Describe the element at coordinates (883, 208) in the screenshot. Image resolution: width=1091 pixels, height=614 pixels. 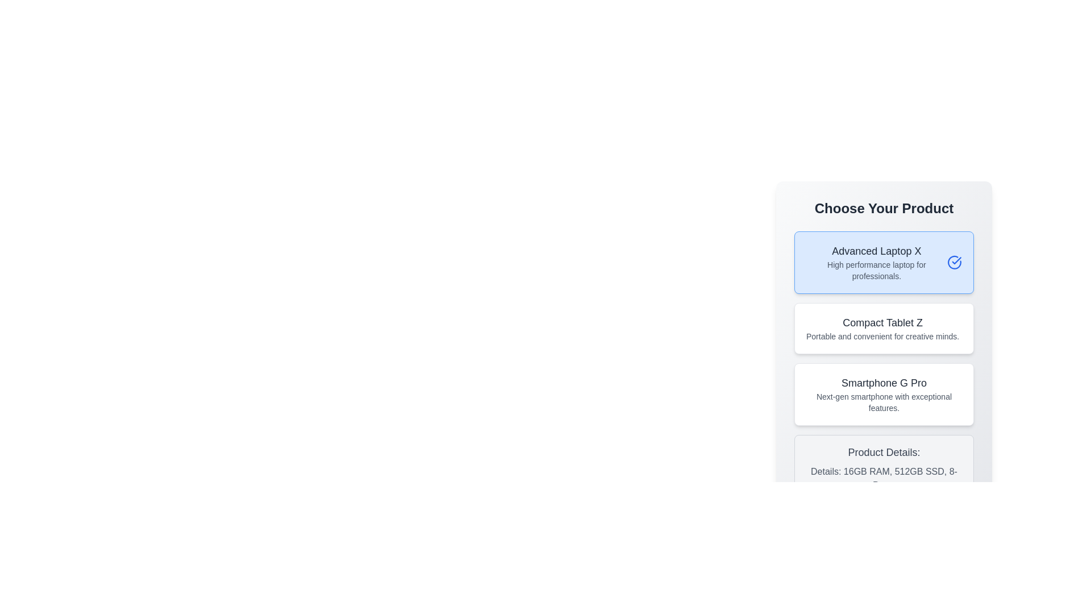
I see `the header text element that introduces the product selection interface, positioned above the list of selectable product options` at that location.